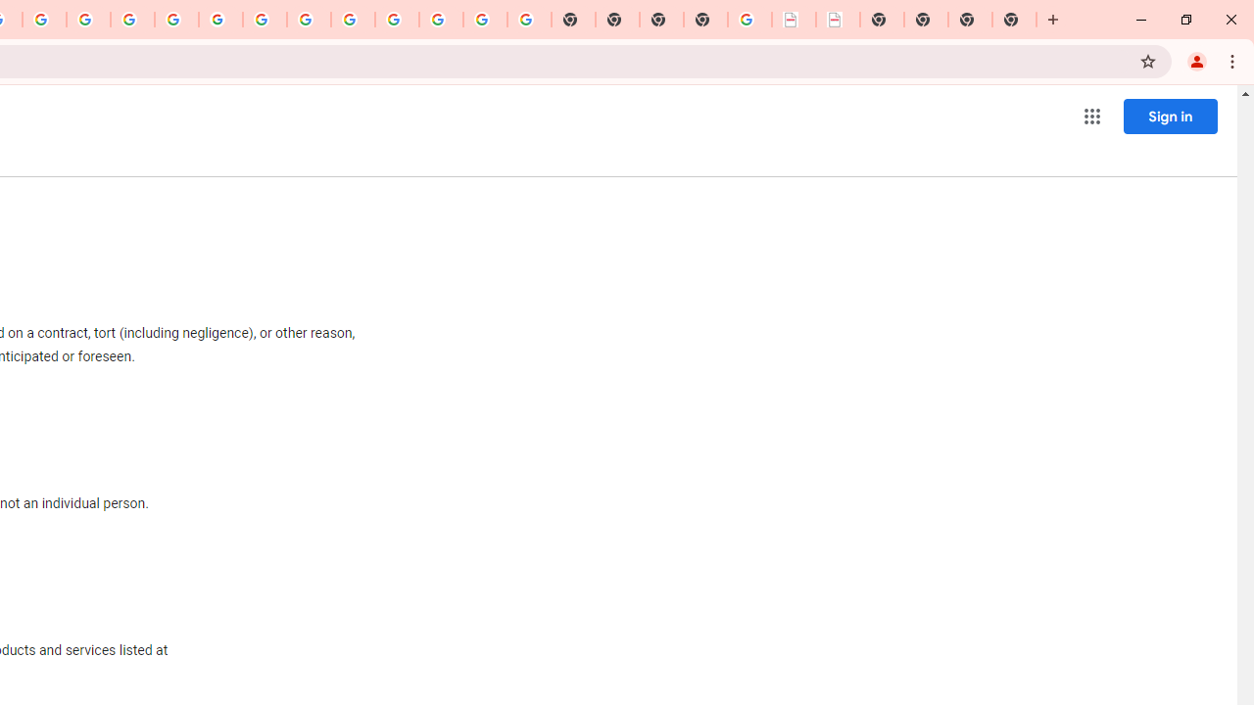 This screenshot has width=1254, height=705. Describe the element at coordinates (1233, 60) in the screenshot. I see `'Chrome'` at that location.